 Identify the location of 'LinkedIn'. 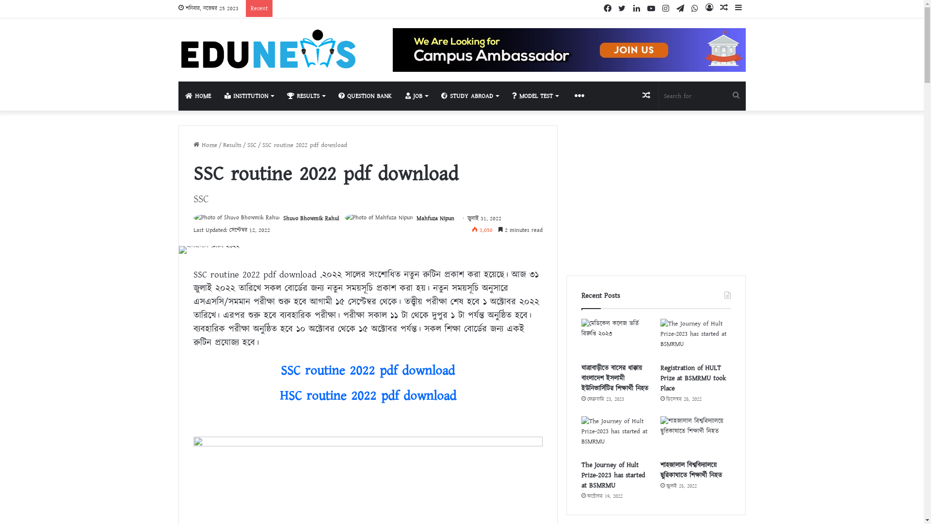
(637, 9).